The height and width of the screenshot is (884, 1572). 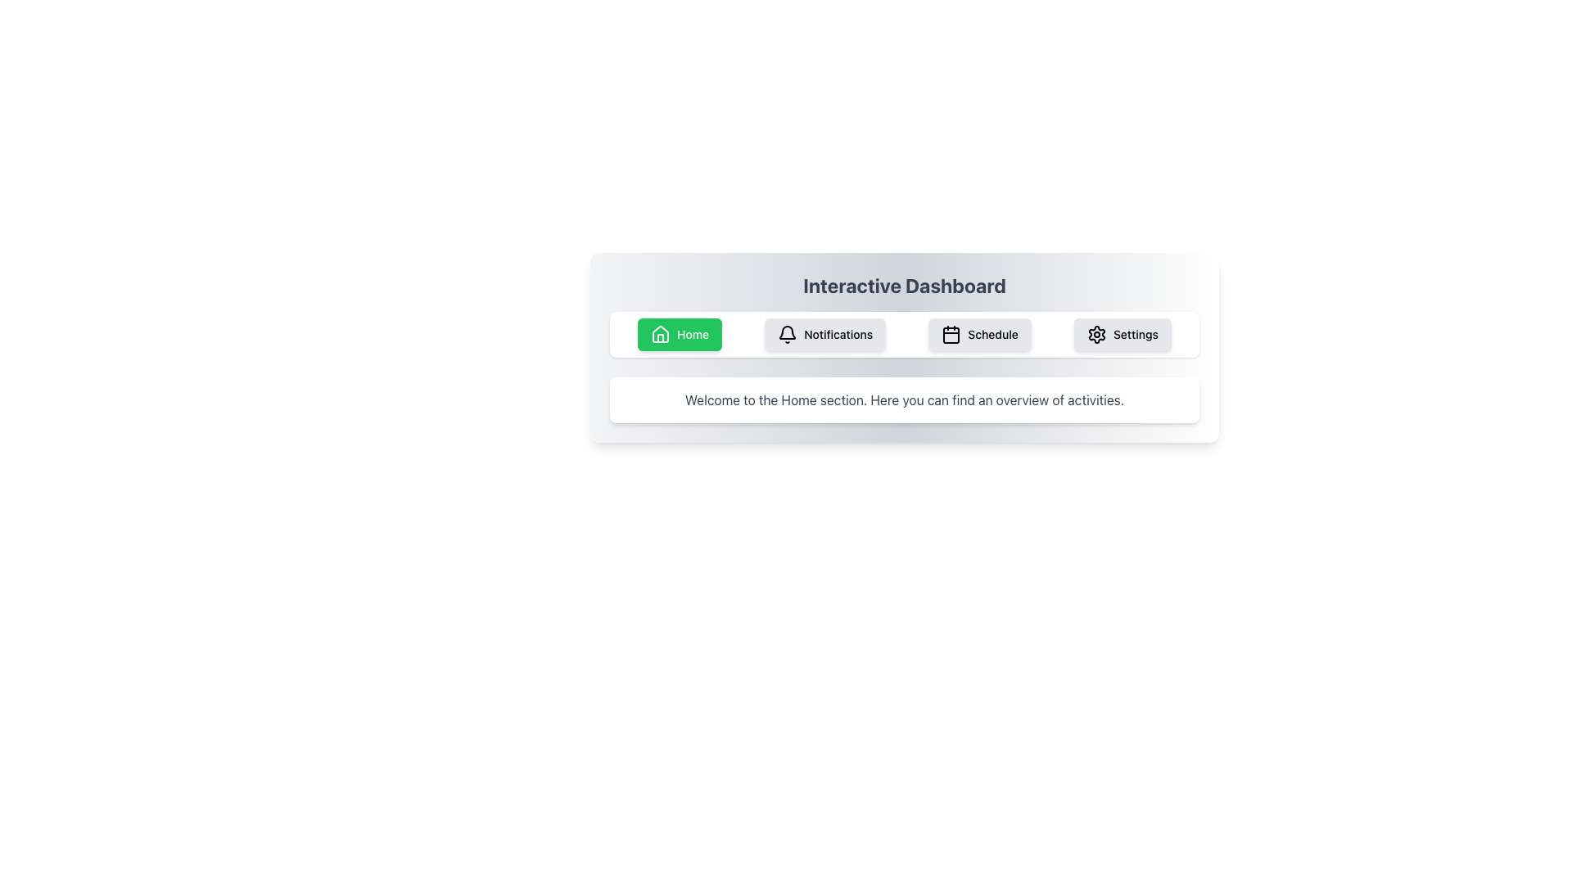 I want to click on the 'Settings' button, which is a light gray rectangular button with rounded corners featuring a gear icon and the text 'Settings' in black, positioned as the fourth button in its group, so click(x=1122, y=333).